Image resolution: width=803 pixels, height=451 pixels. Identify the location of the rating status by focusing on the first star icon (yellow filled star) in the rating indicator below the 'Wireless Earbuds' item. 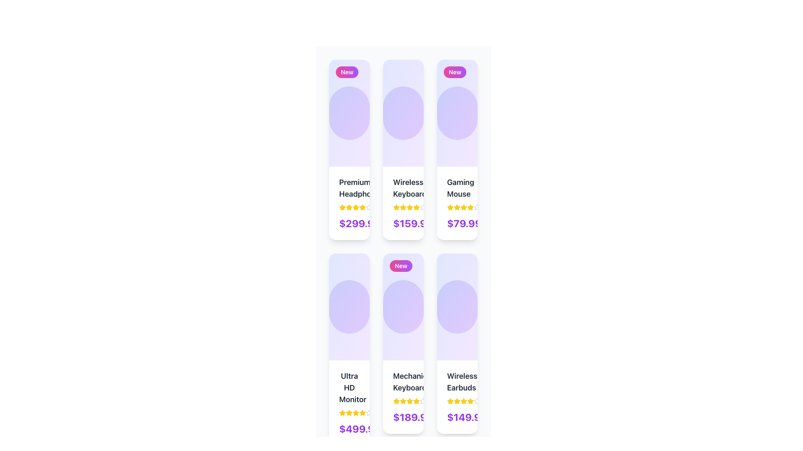
(450, 400).